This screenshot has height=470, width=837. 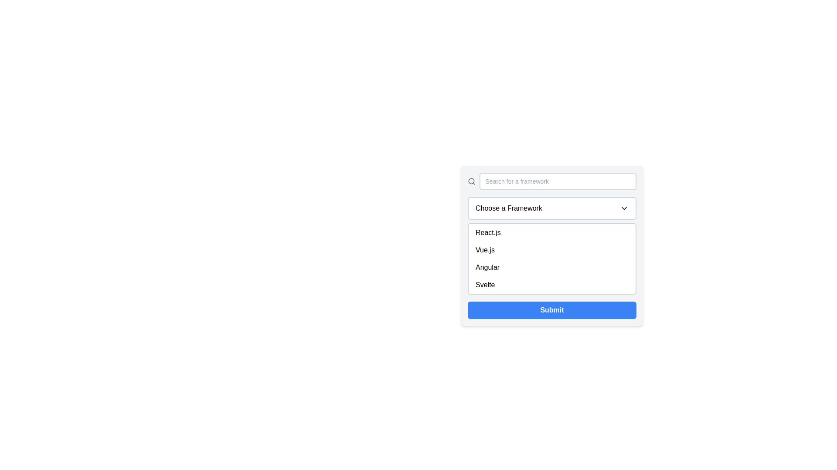 What do you see at coordinates (623, 208) in the screenshot?
I see `the Dropdown arrow icon located at the far-right corner of the 'Choose a Framework' button` at bounding box center [623, 208].